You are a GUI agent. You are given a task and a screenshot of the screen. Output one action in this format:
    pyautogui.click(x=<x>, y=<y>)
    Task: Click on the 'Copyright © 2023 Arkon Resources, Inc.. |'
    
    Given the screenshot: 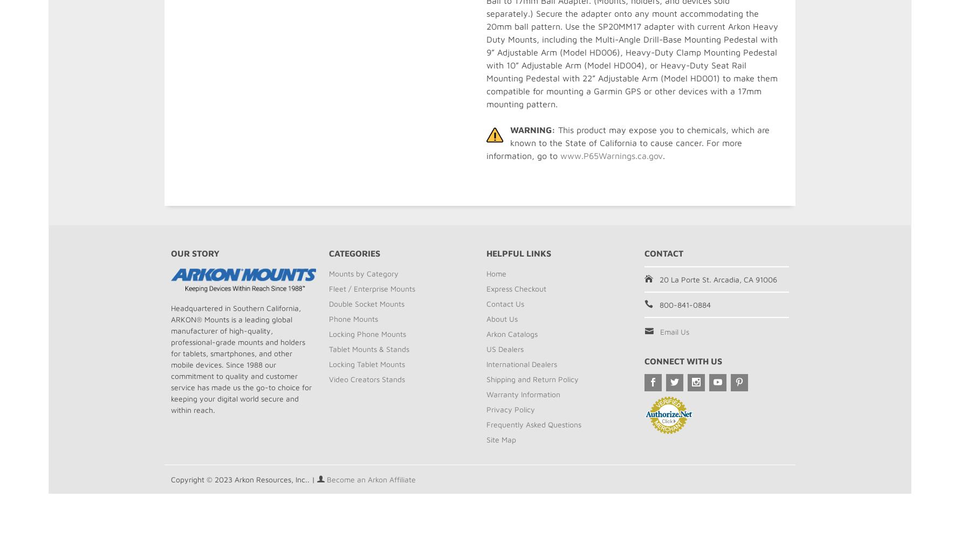 What is the action you would take?
    pyautogui.click(x=244, y=479)
    